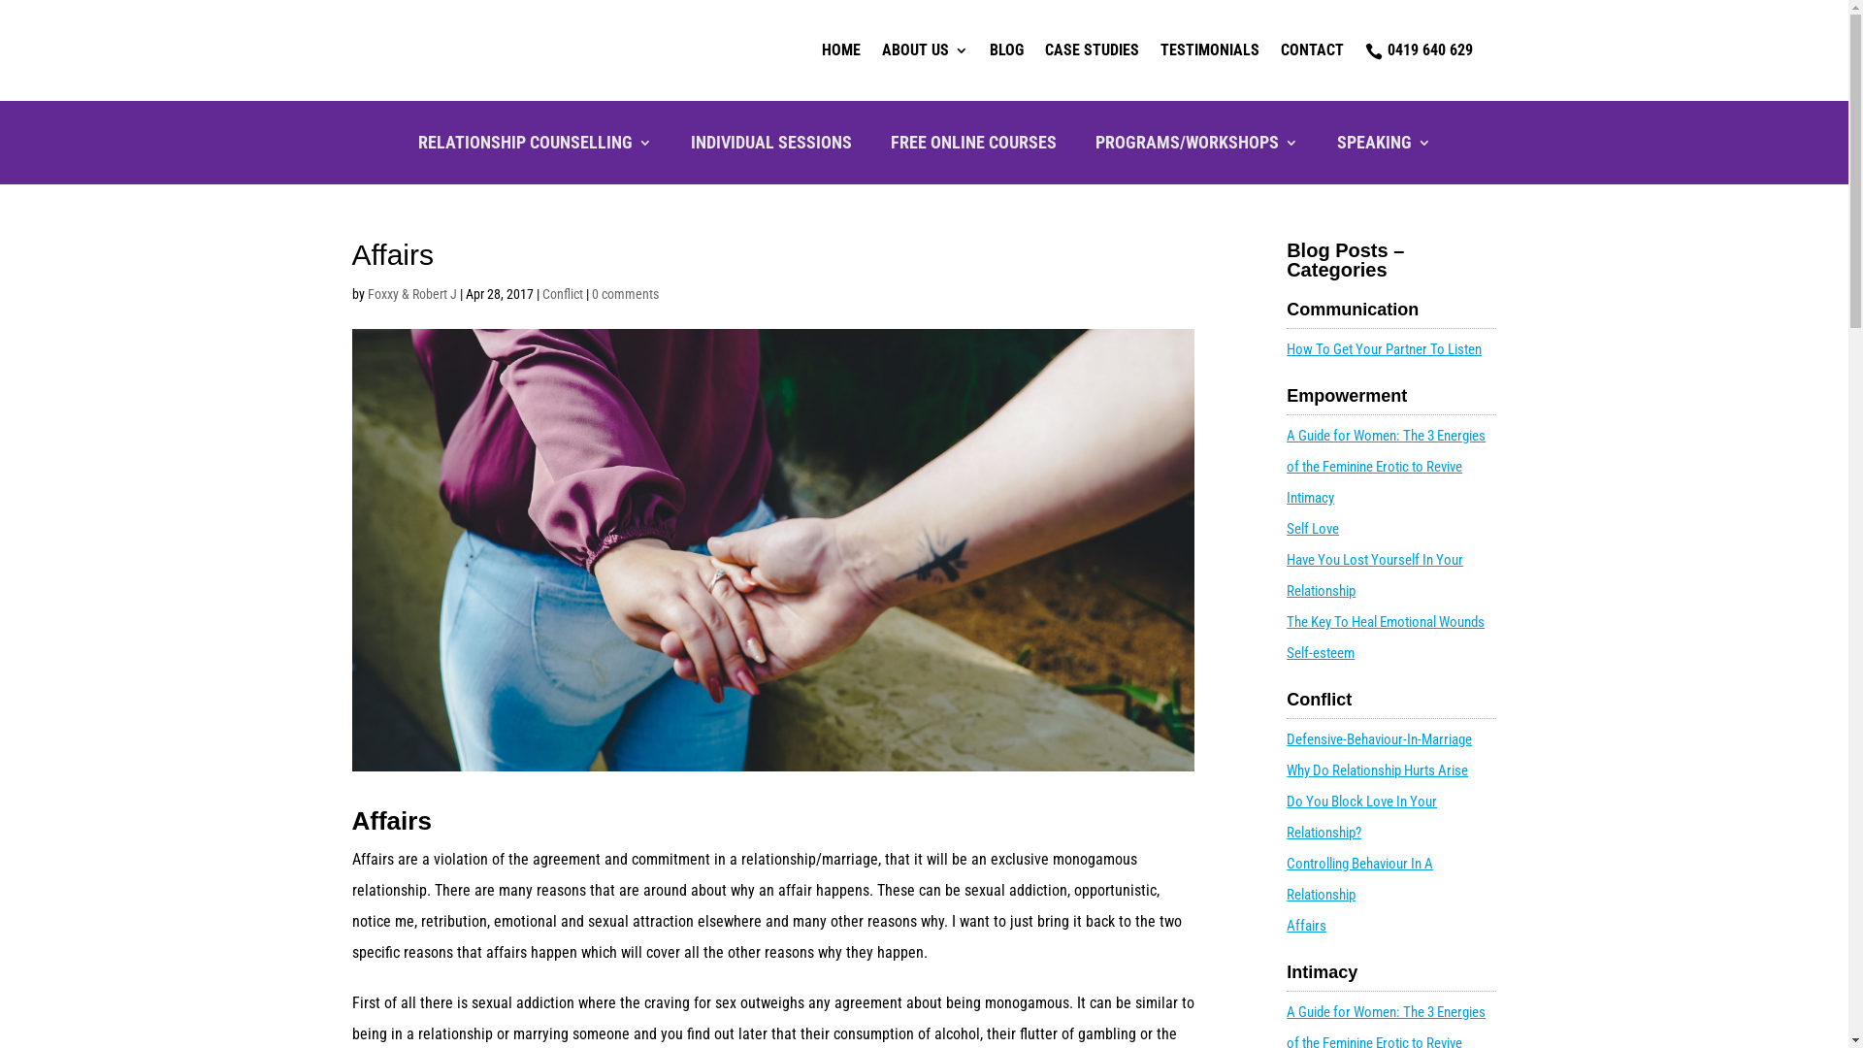  What do you see at coordinates (1091, 49) in the screenshot?
I see `'CASE STUDIES'` at bounding box center [1091, 49].